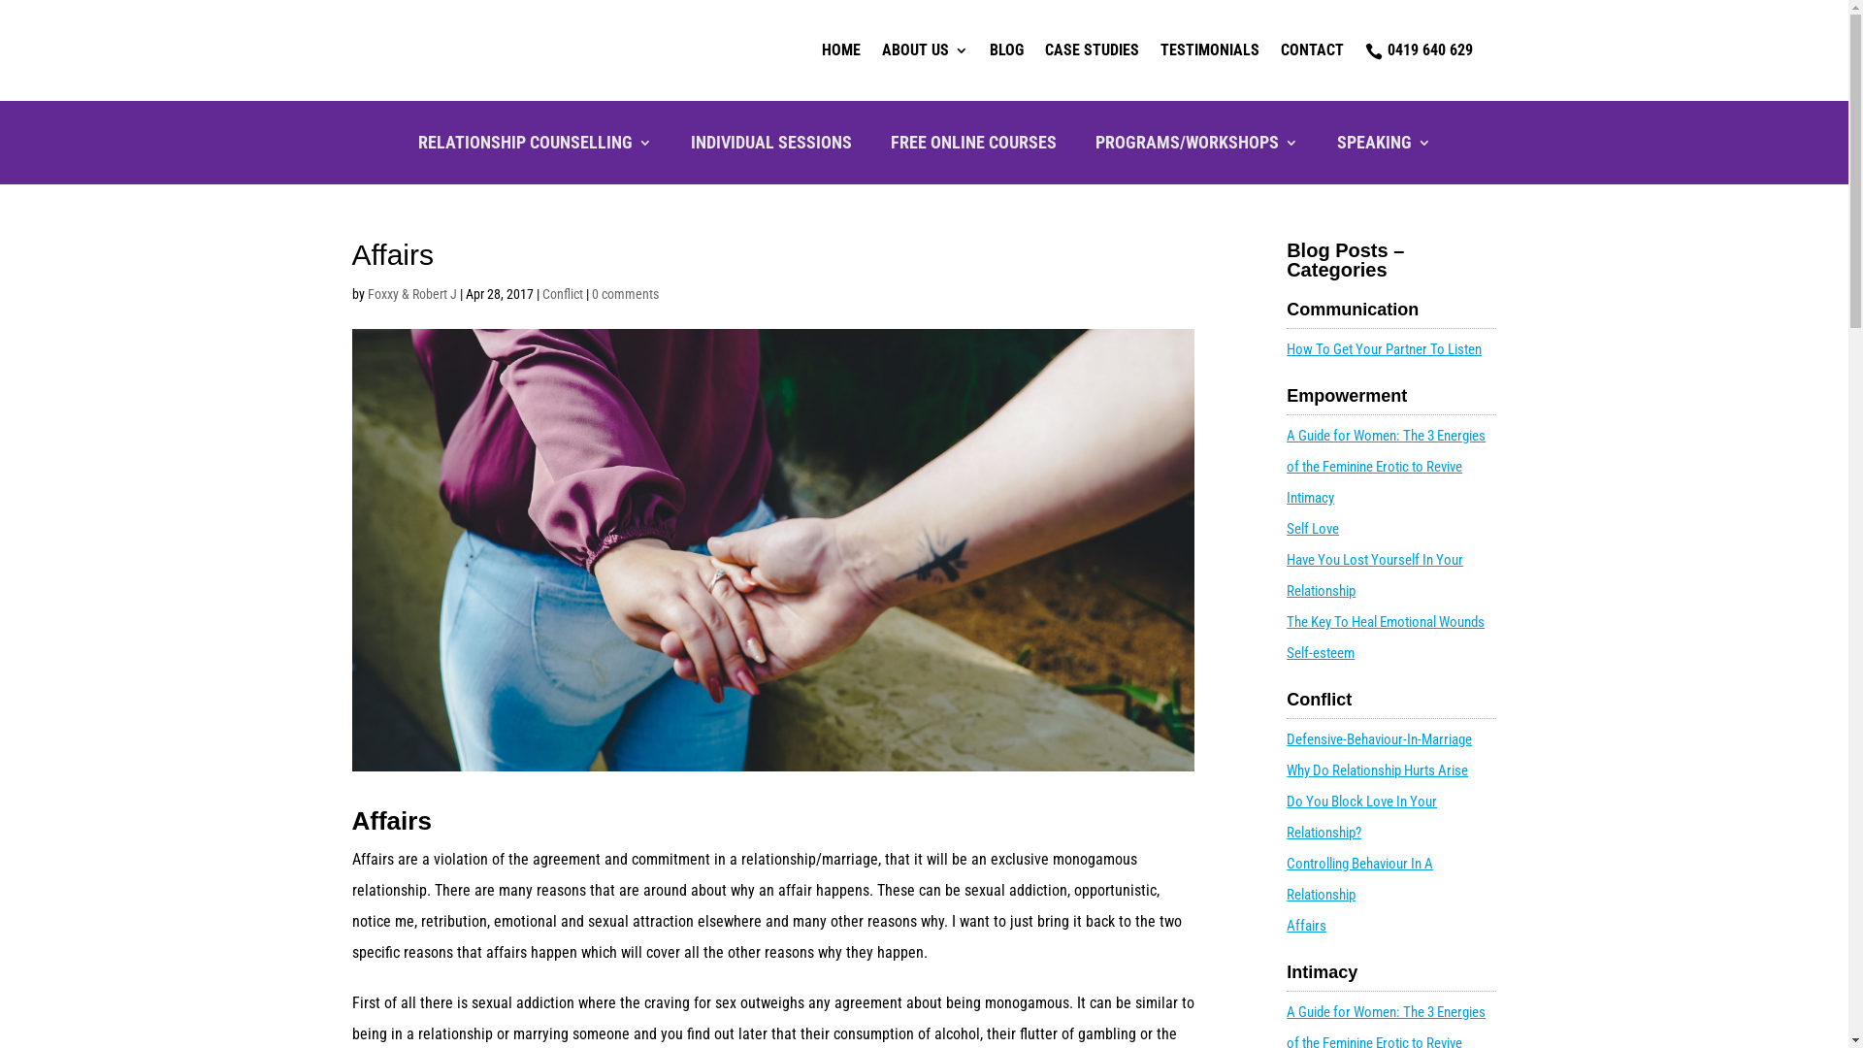  What do you see at coordinates (1091, 49) in the screenshot?
I see `'CASE STUDIES'` at bounding box center [1091, 49].